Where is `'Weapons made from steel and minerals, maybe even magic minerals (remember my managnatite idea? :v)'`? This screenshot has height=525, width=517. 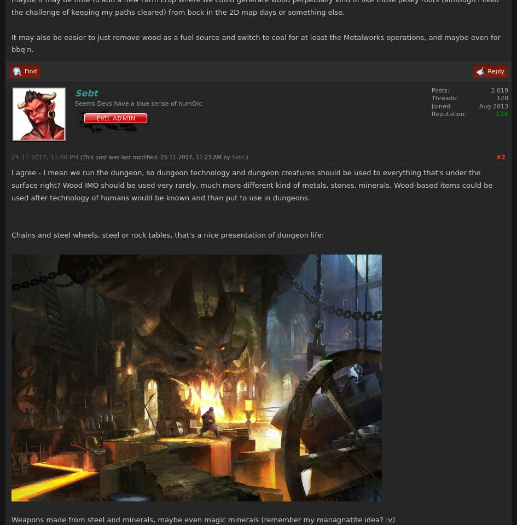 'Weapons made from steel and minerals, maybe even magic minerals (remember my managnatite idea? :v)' is located at coordinates (11, 519).